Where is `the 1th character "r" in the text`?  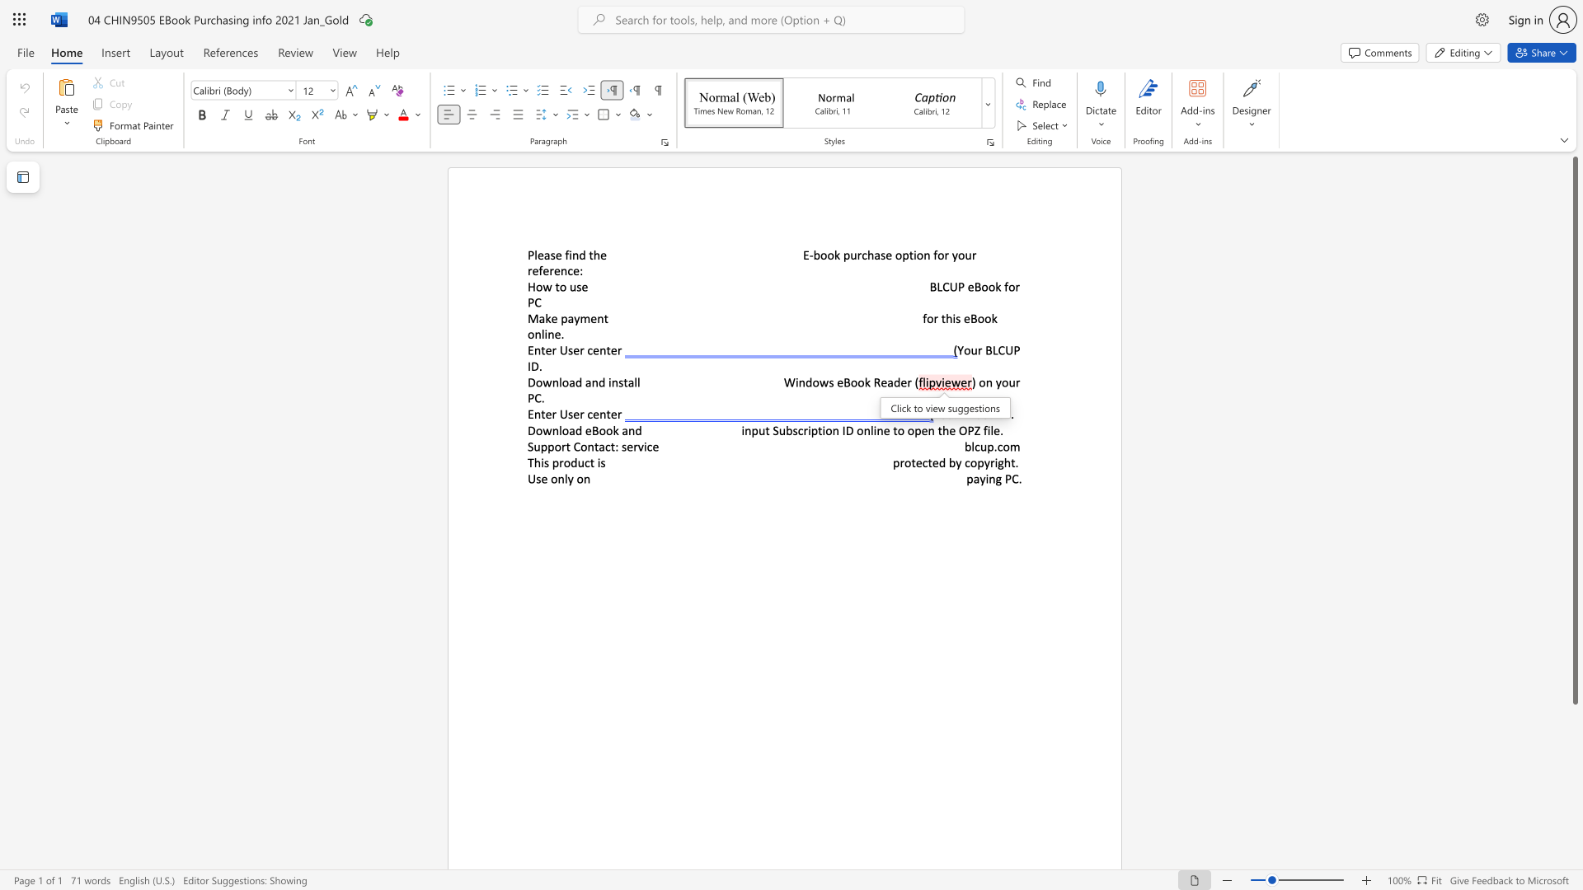 the 1th character "r" in the text is located at coordinates (554, 413).